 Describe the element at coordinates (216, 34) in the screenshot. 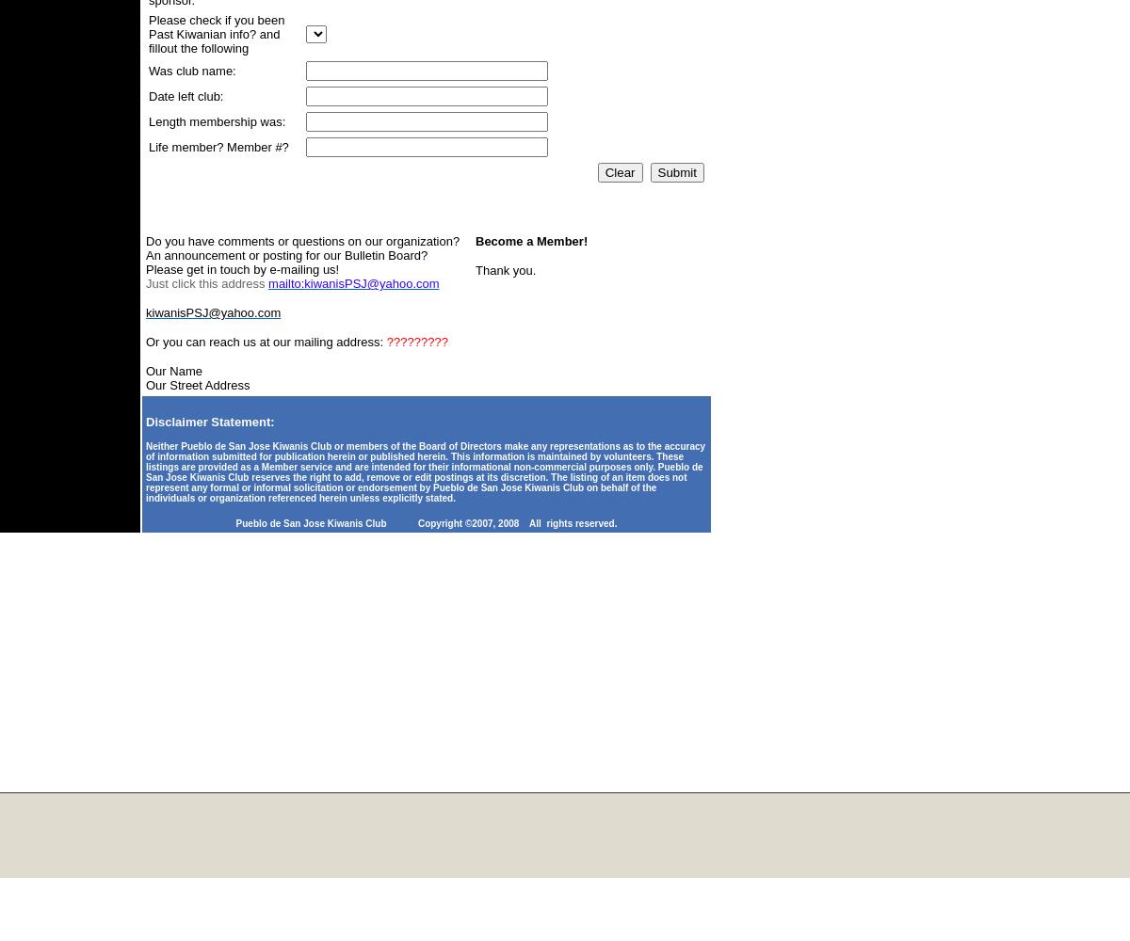

I see `'Please check if you been Past Kiwanian info? and fillout
                              the following'` at that location.